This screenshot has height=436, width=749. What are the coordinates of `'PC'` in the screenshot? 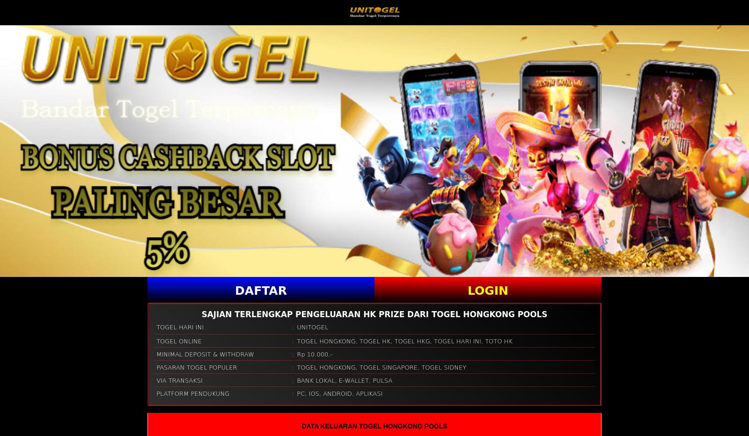 It's located at (296, 392).